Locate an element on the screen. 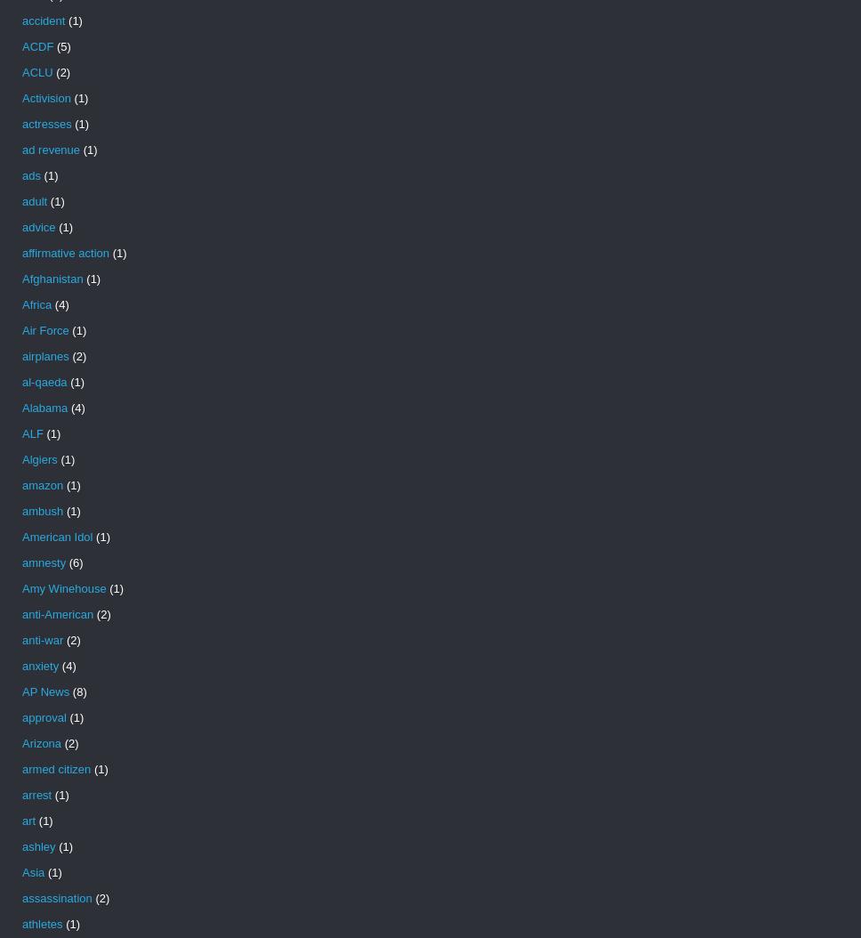 The image size is (861, 938). 'ads' is located at coordinates (21, 174).